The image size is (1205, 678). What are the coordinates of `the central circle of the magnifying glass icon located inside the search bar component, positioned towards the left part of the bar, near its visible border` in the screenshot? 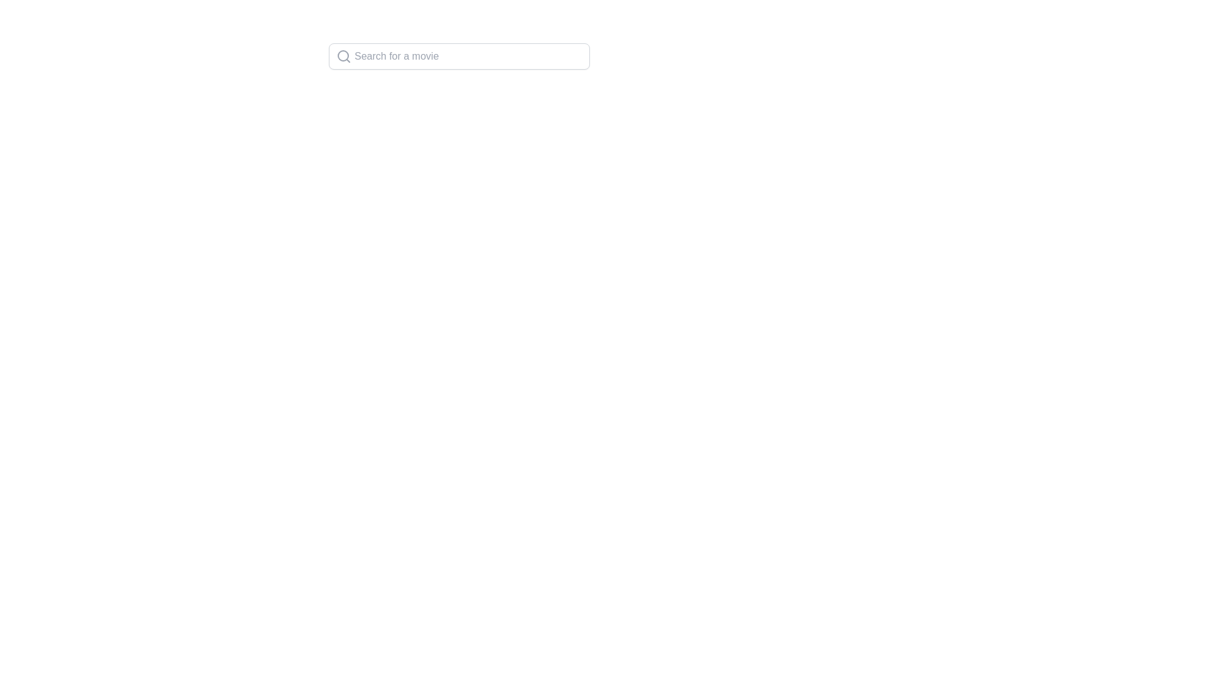 It's located at (343, 55).